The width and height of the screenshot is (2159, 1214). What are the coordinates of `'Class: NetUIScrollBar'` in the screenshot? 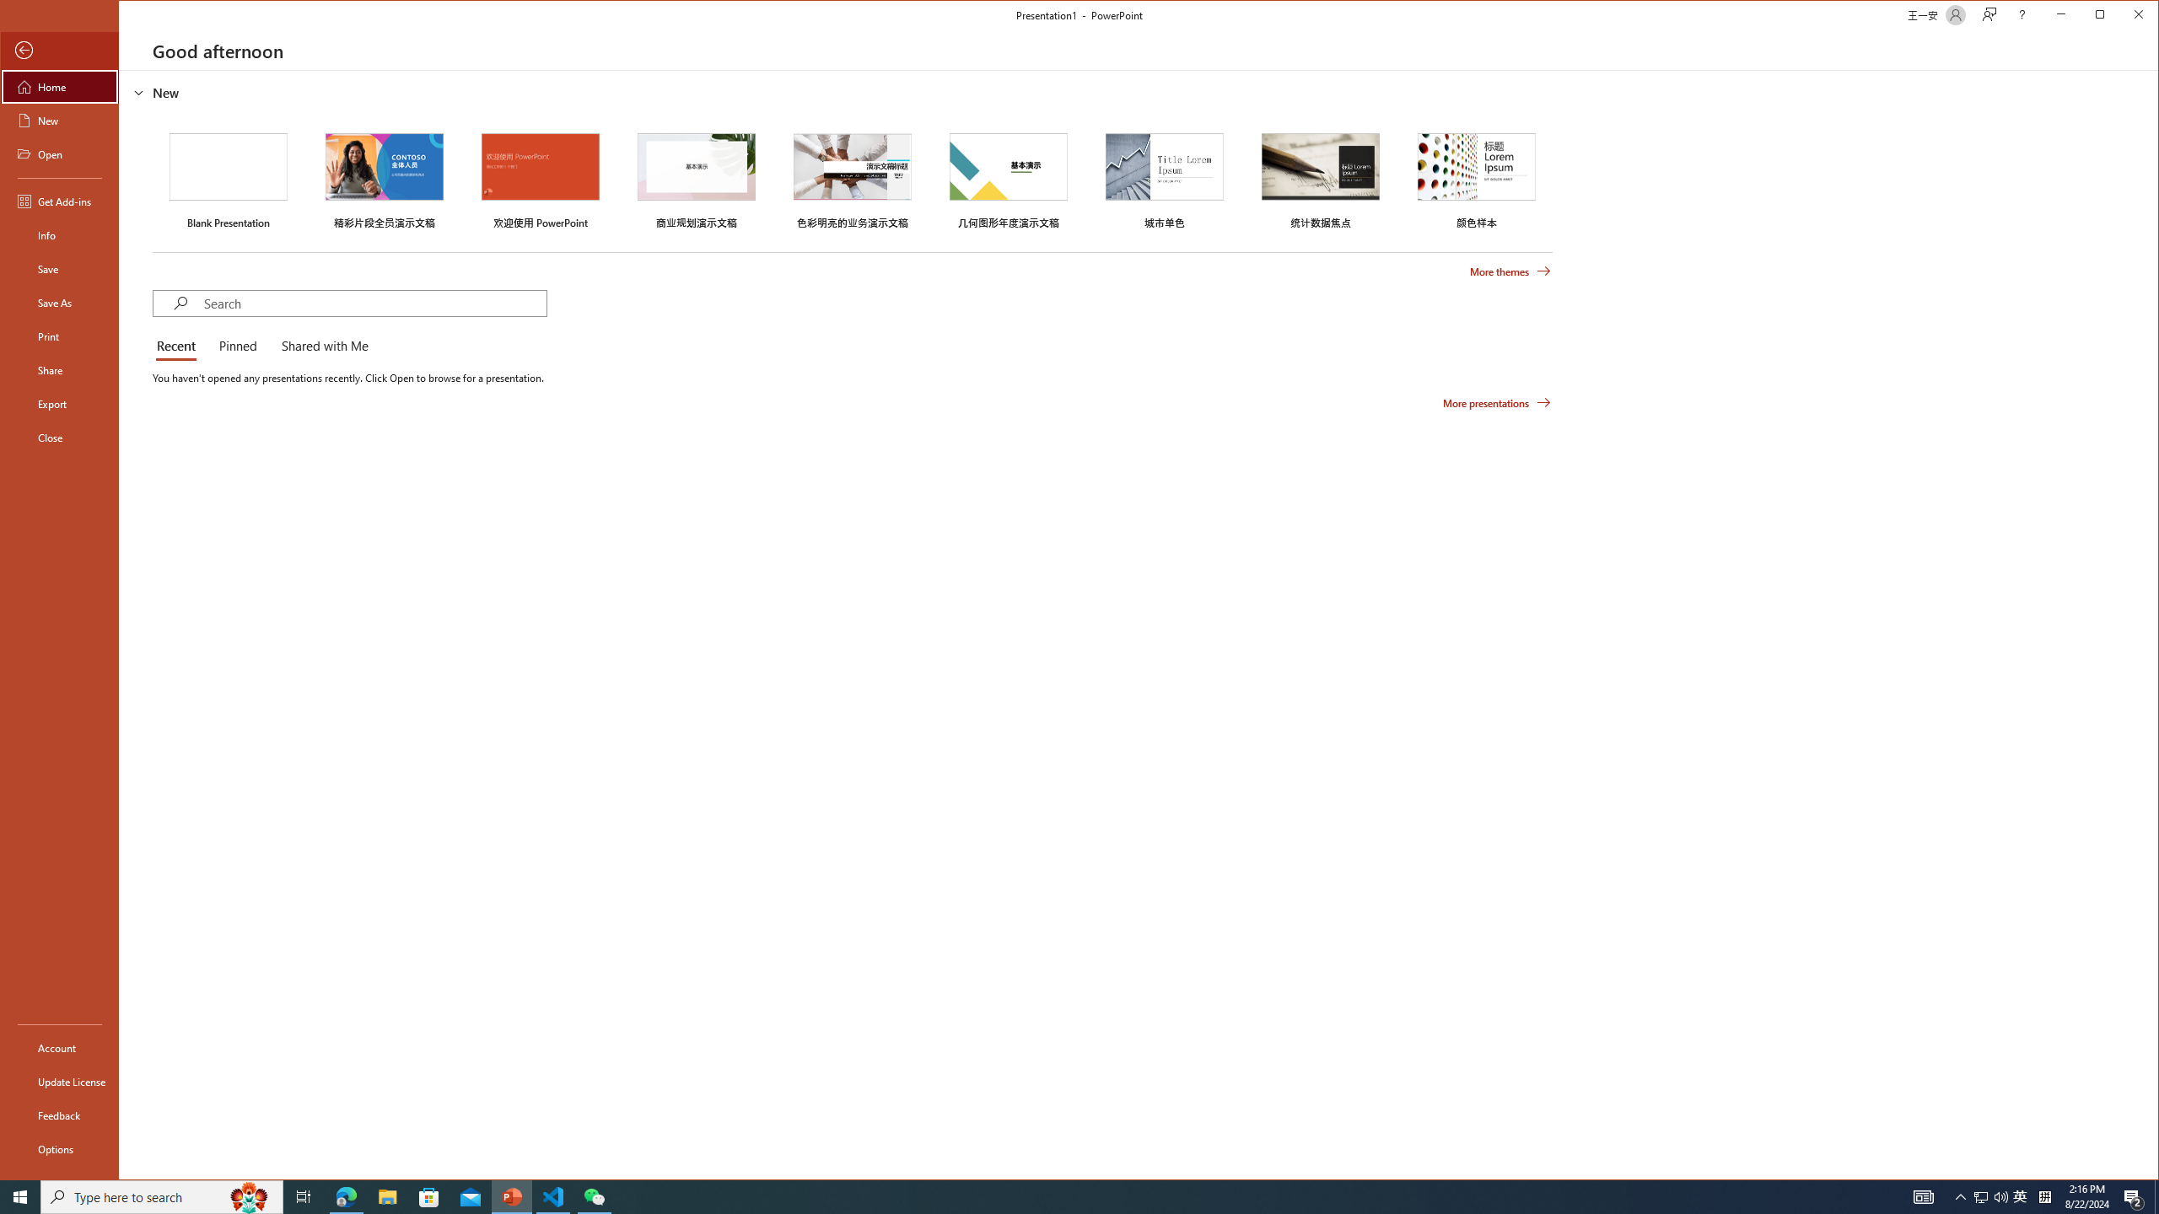 It's located at (2151, 624).